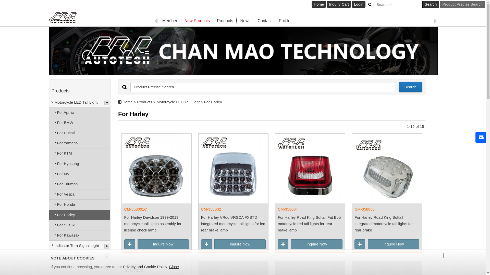 This screenshot has height=275, width=490. What do you see at coordinates (49, 153) in the screenshot?
I see `'For KTM'` at bounding box center [49, 153].